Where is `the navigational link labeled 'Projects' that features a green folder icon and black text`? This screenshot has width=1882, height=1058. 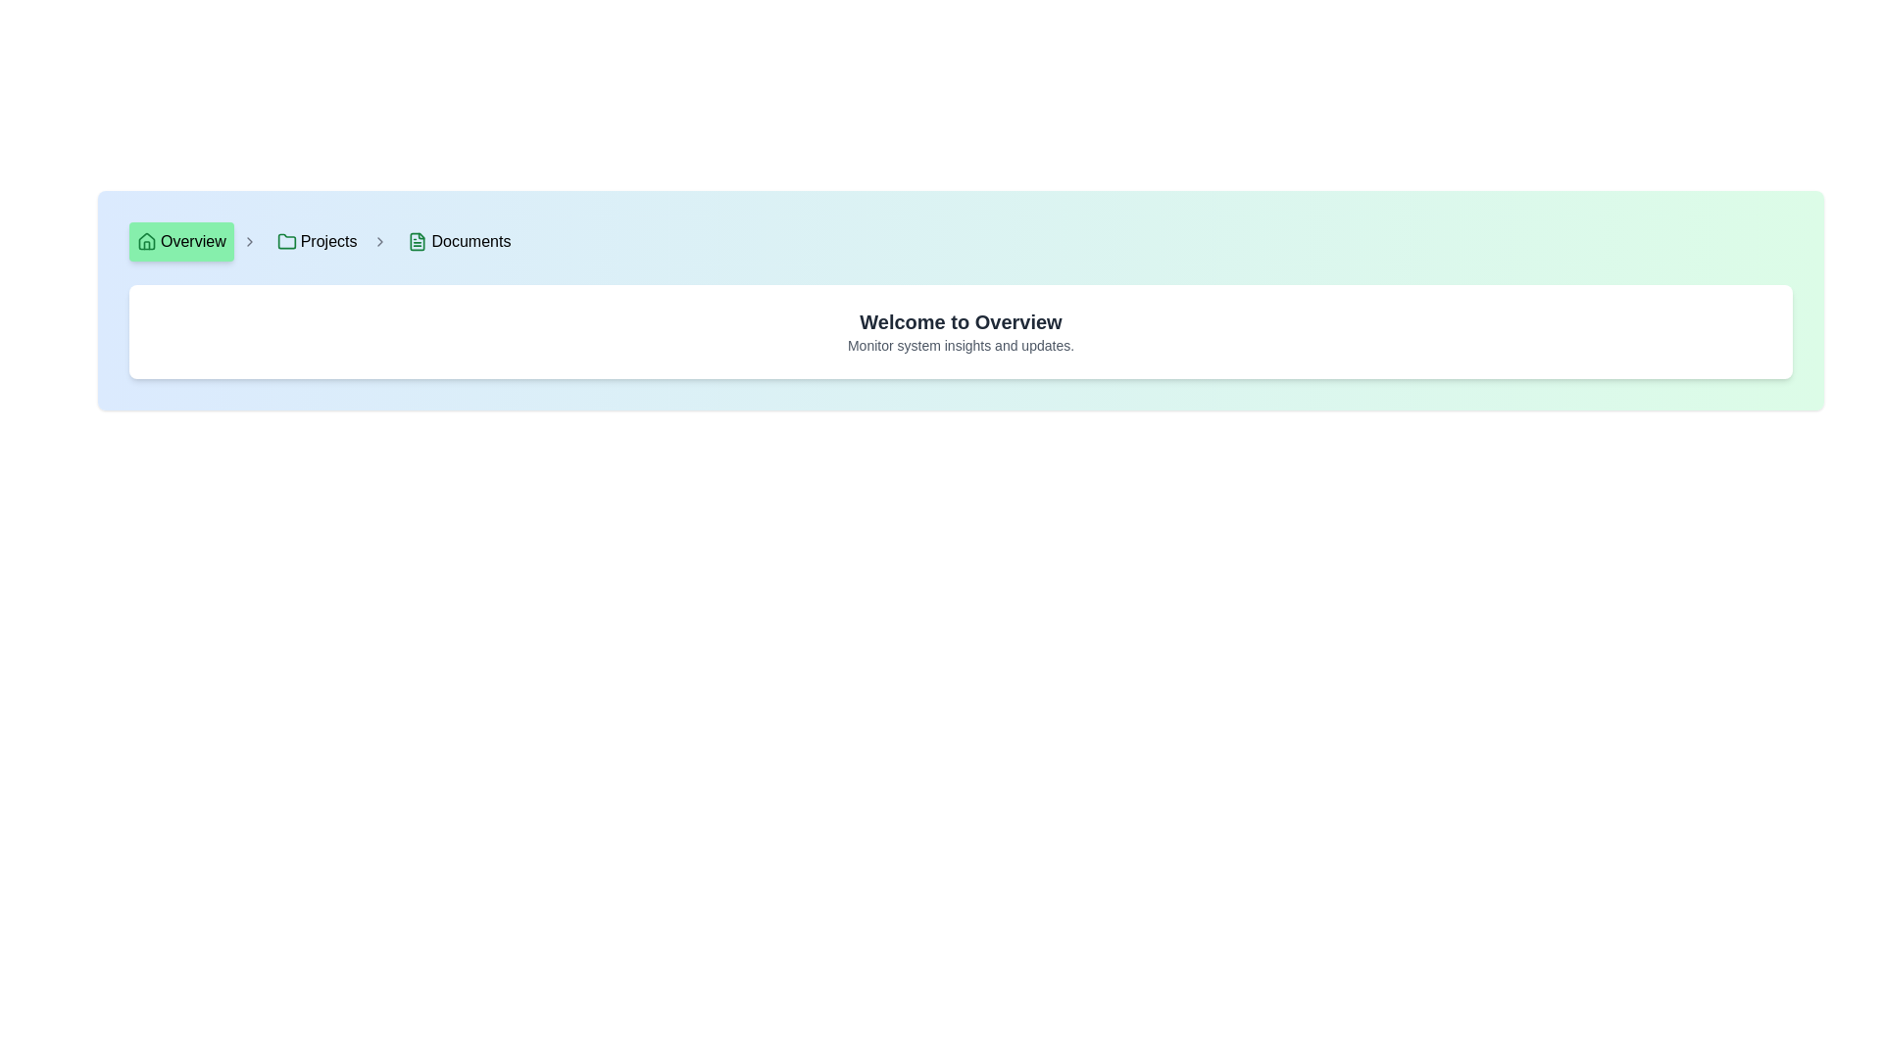
the navigational link labeled 'Projects' that features a green folder icon and black text is located at coordinates (317, 240).